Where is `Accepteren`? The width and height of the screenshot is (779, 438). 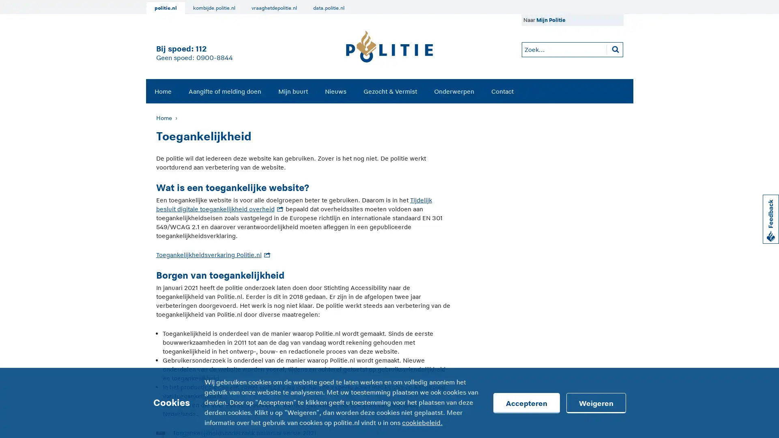 Accepteren is located at coordinates (526, 402).